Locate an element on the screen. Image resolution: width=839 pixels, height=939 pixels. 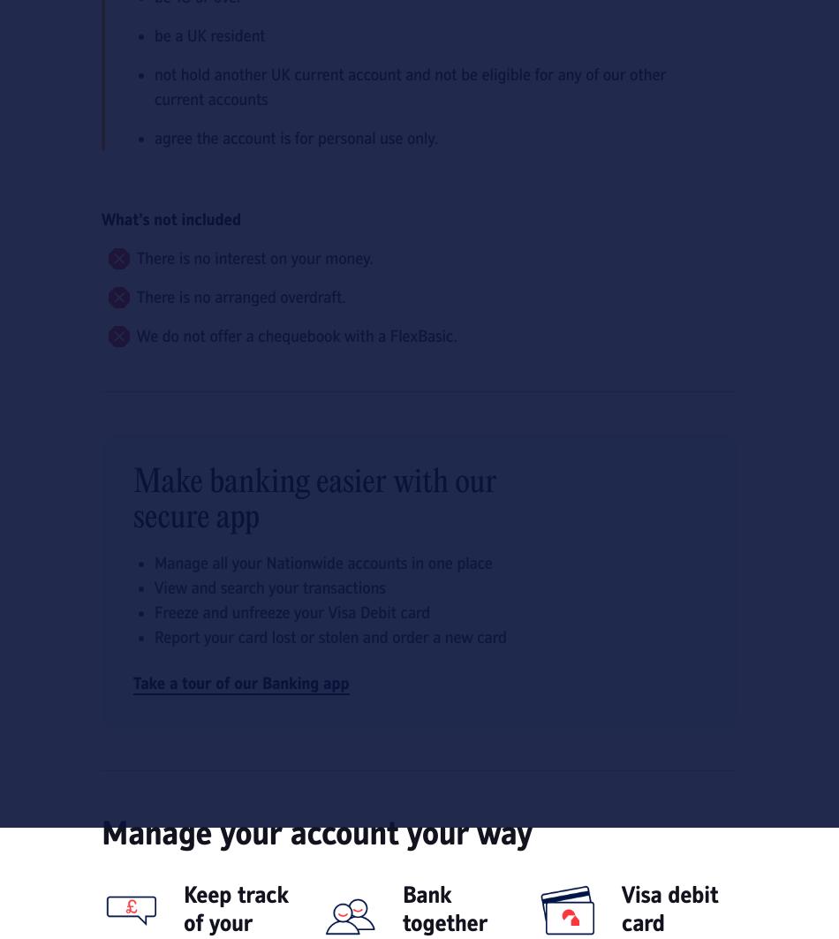
'Freeze and unfreeze your Visa Debit card' is located at coordinates (291, 612).